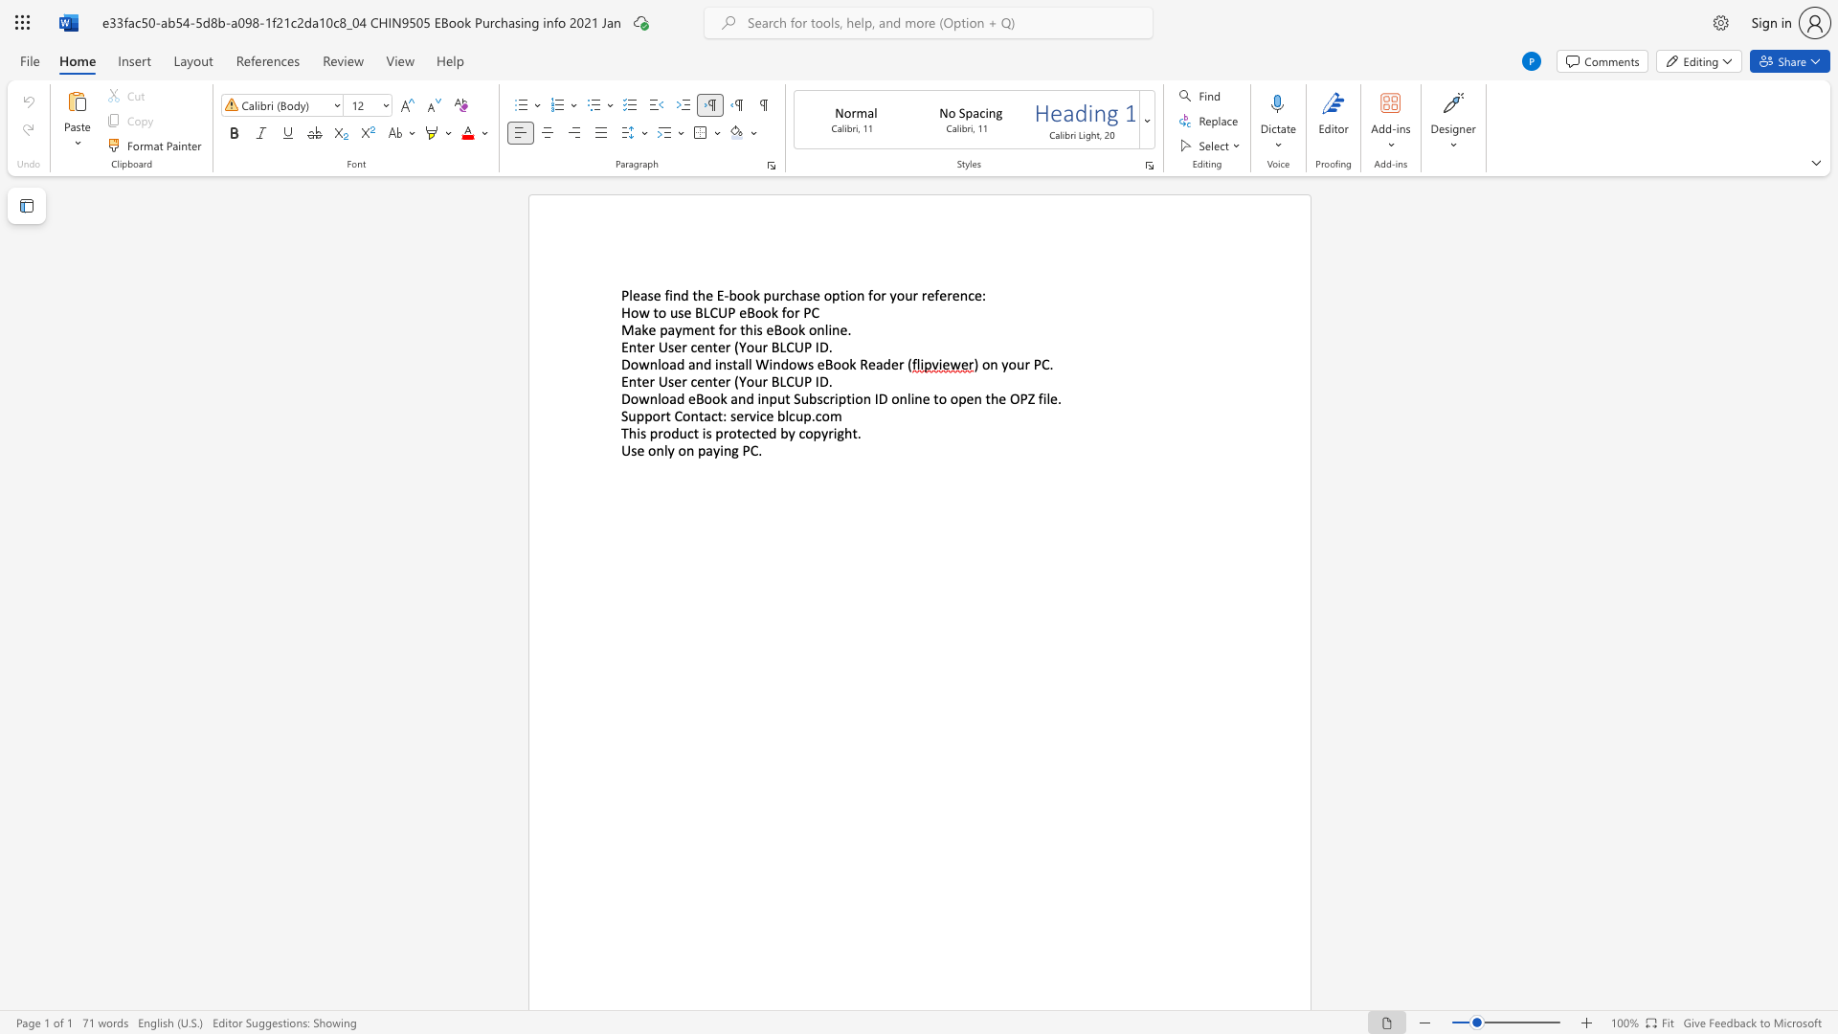 The width and height of the screenshot is (1838, 1034). What do you see at coordinates (620, 295) in the screenshot?
I see `the subset text "Please find the E-book p" within the text "Please find the E-book purchase"` at bounding box center [620, 295].